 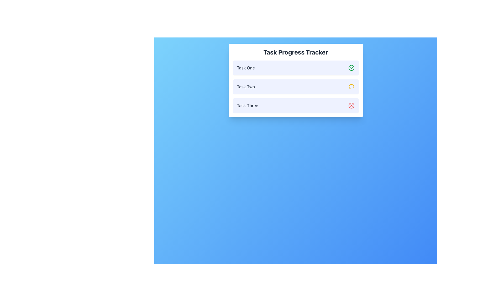 I want to click on text content of the prominent title labeled 'Task Progress Tracker', which is displayed in a bold and large font at the top of the card layout, so click(x=296, y=52).